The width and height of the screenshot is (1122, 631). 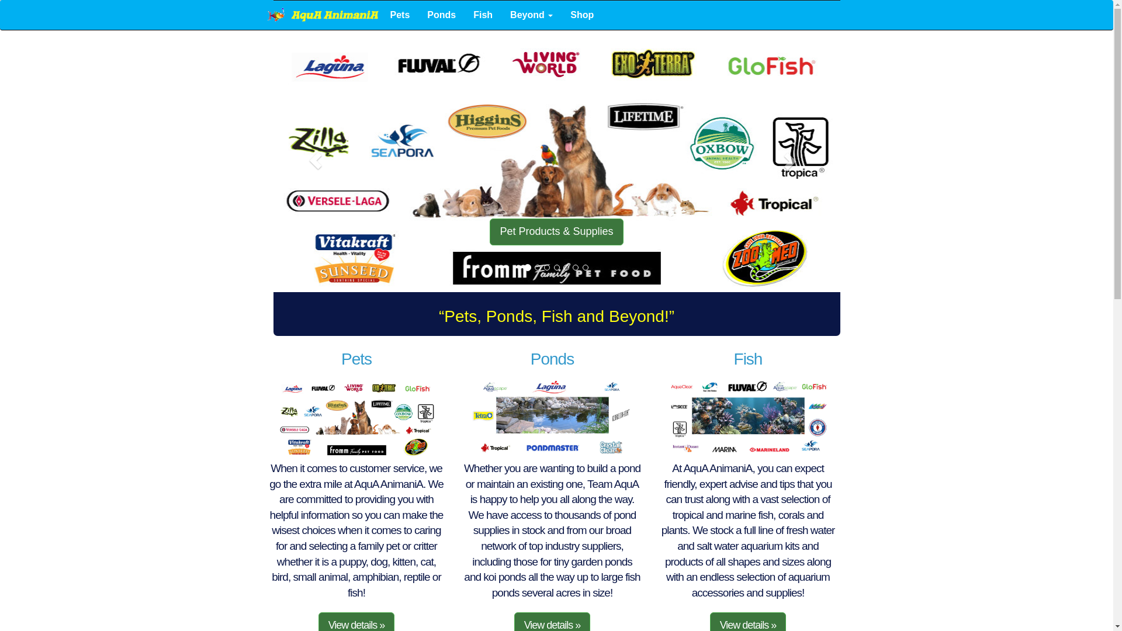 What do you see at coordinates (582, 15) in the screenshot?
I see `'Shop'` at bounding box center [582, 15].